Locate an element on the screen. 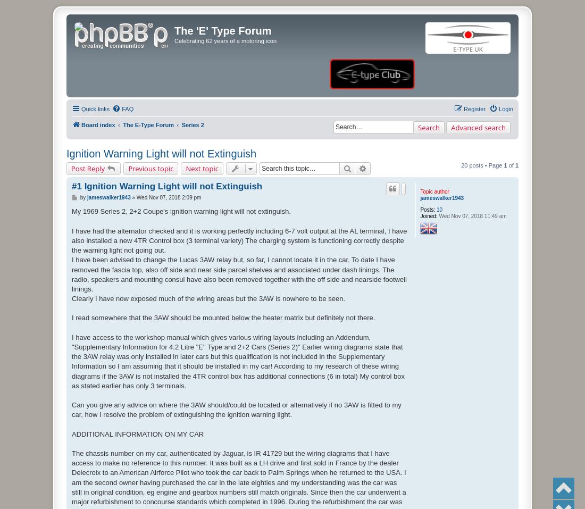 The width and height of the screenshot is (585, 509). 'Board index' is located at coordinates (97, 123).